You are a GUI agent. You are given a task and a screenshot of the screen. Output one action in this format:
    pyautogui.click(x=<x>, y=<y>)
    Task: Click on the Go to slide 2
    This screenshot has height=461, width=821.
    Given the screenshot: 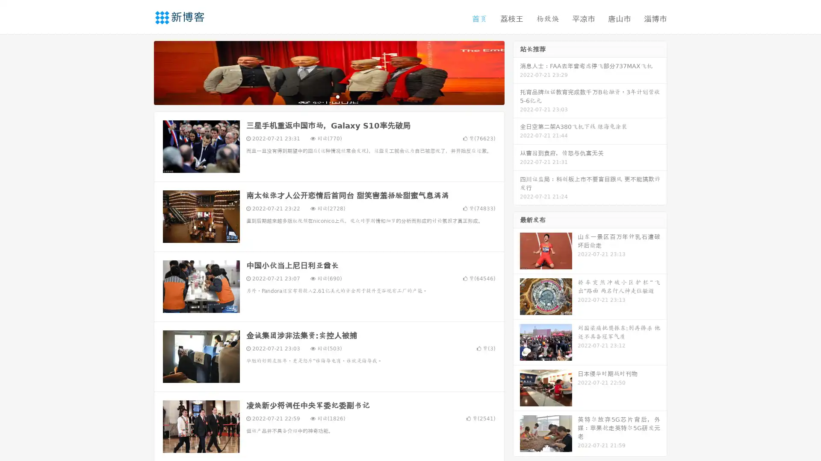 What is the action you would take?
    pyautogui.click(x=328, y=96)
    